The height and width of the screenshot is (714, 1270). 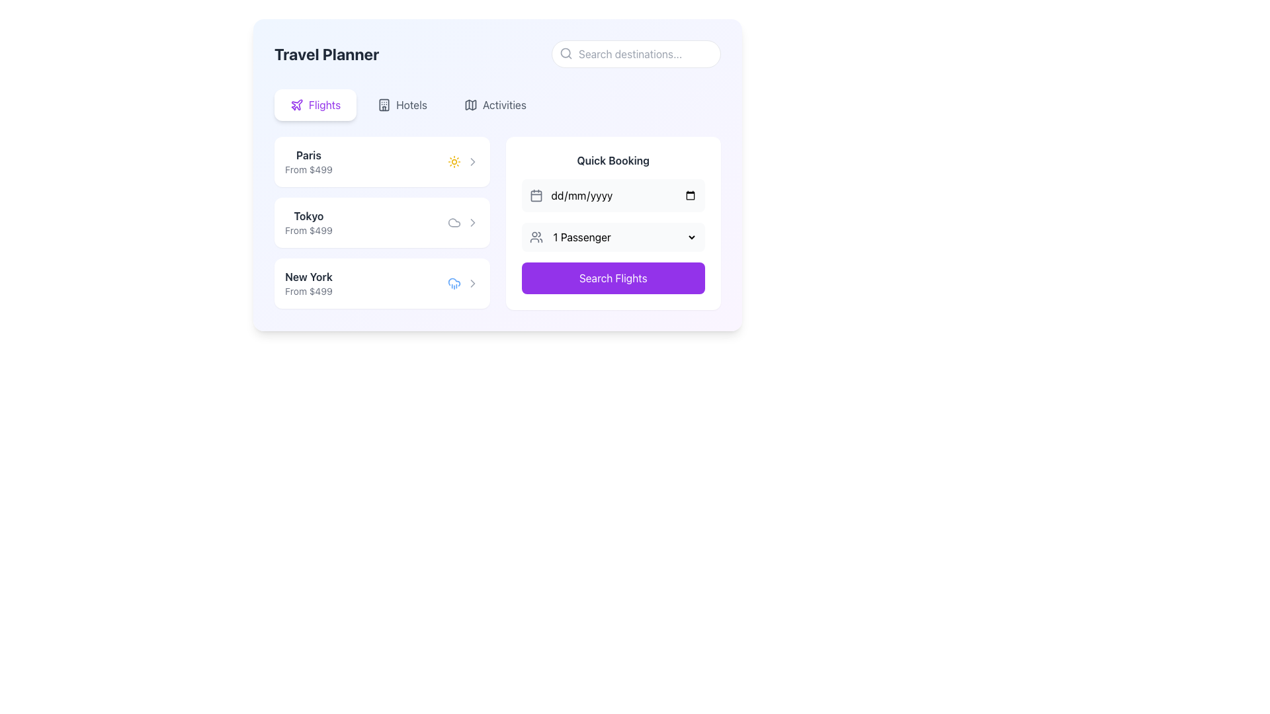 What do you see at coordinates (613, 223) in the screenshot?
I see `the dropdown menu for selecting the number of passengers in the Quick Booking card` at bounding box center [613, 223].